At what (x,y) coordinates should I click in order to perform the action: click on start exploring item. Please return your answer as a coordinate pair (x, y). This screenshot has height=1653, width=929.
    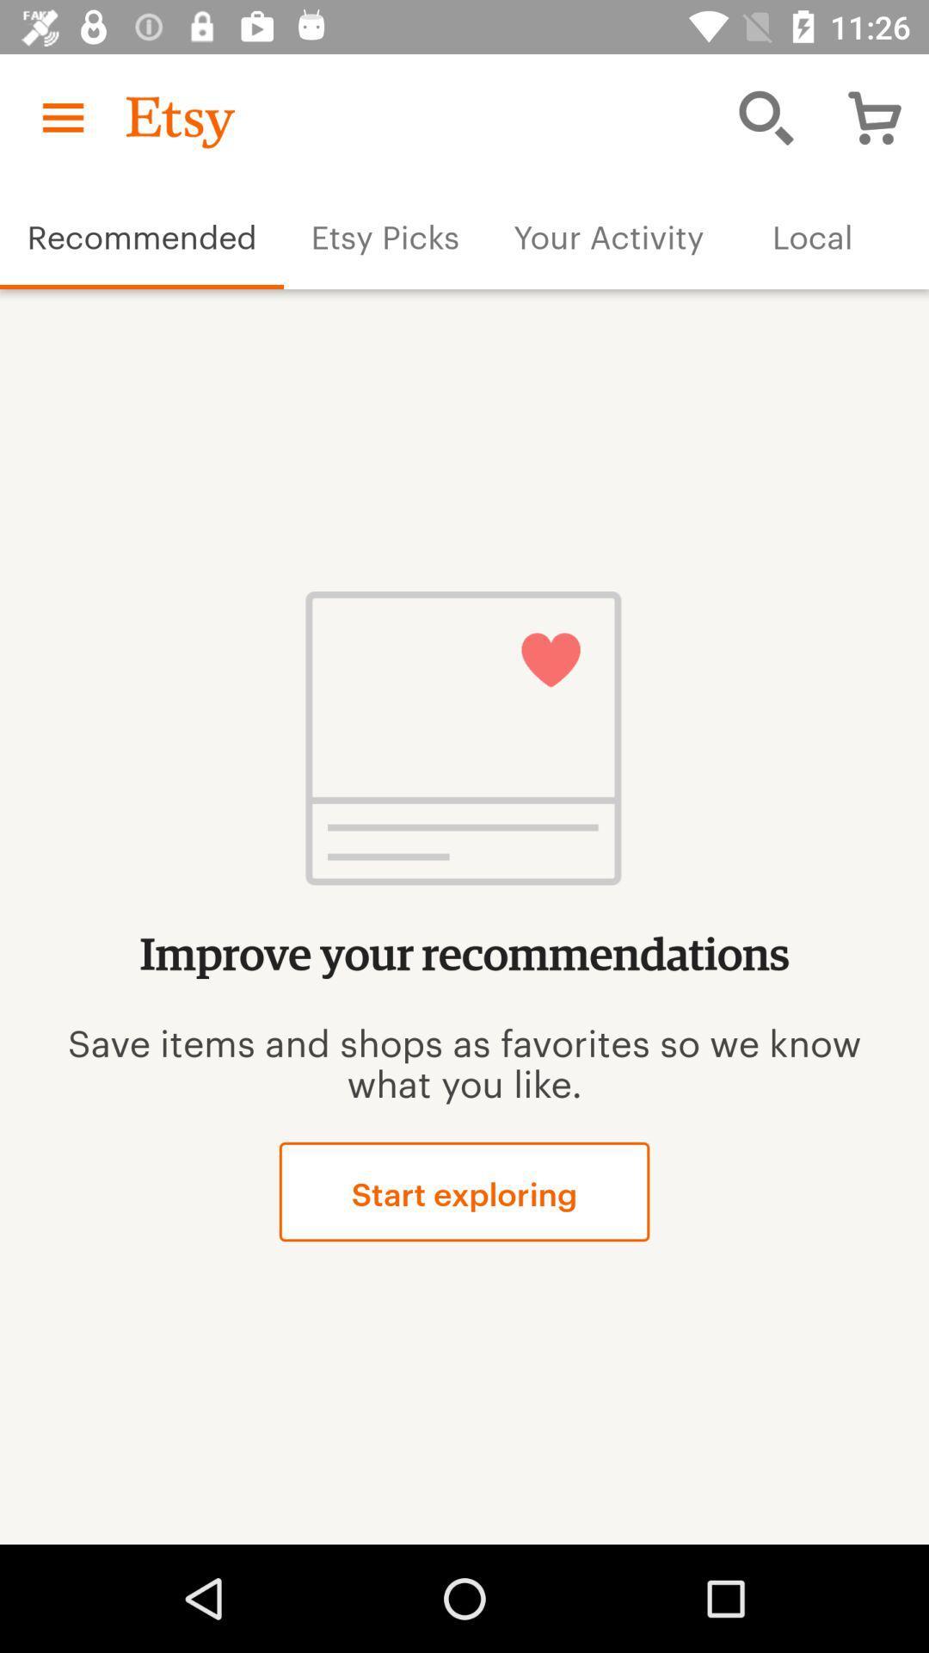
    Looking at the image, I should click on (464, 1191).